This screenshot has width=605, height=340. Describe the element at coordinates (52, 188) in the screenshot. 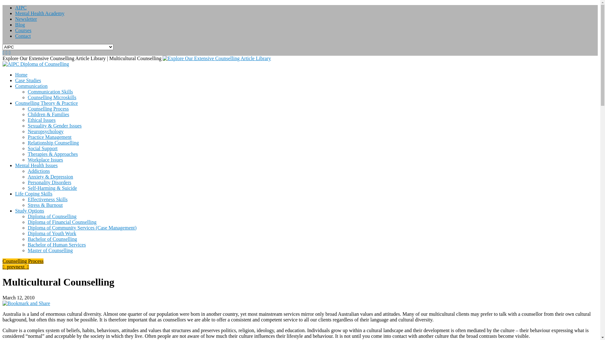

I see `'Self-Harming & Suicide'` at that location.